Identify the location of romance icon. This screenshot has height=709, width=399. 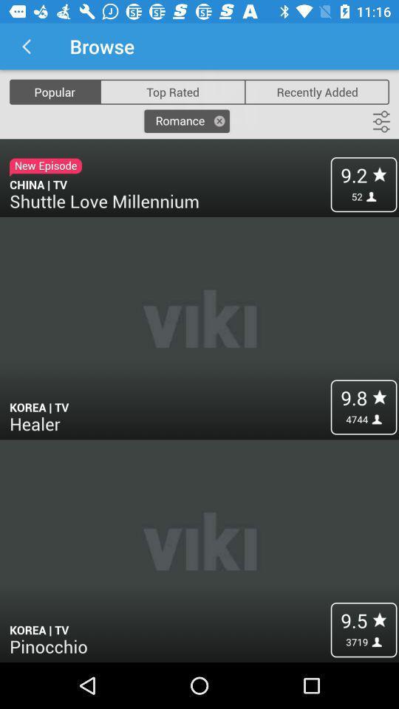
(187, 120).